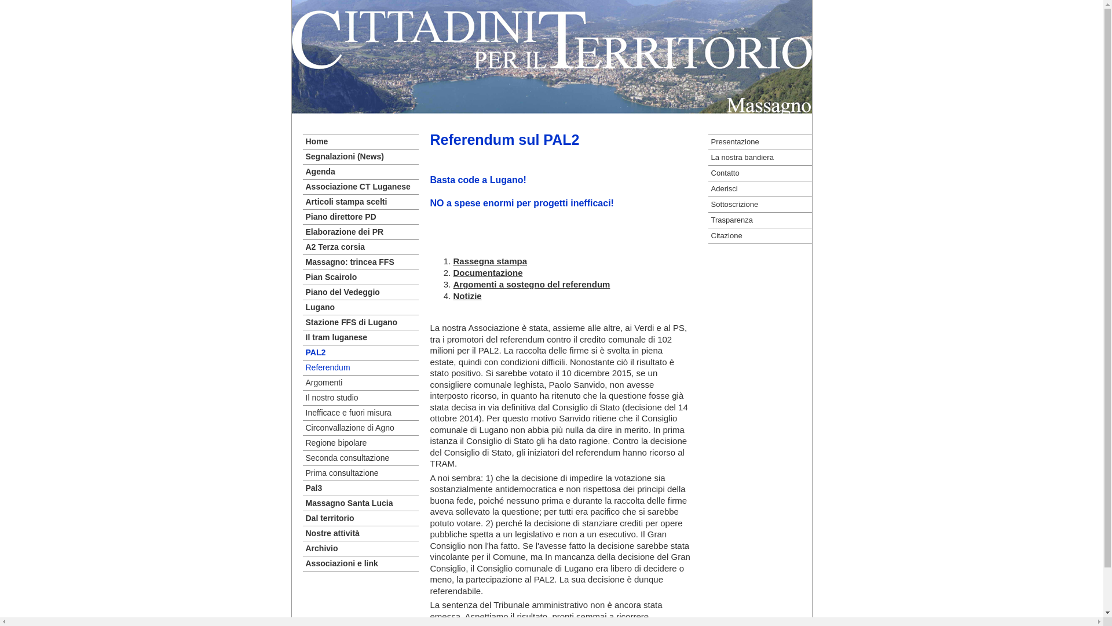 This screenshot has width=1112, height=626. Describe the element at coordinates (759, 204) in the screenshot. I see `'Sottoscrizione'` at that location.